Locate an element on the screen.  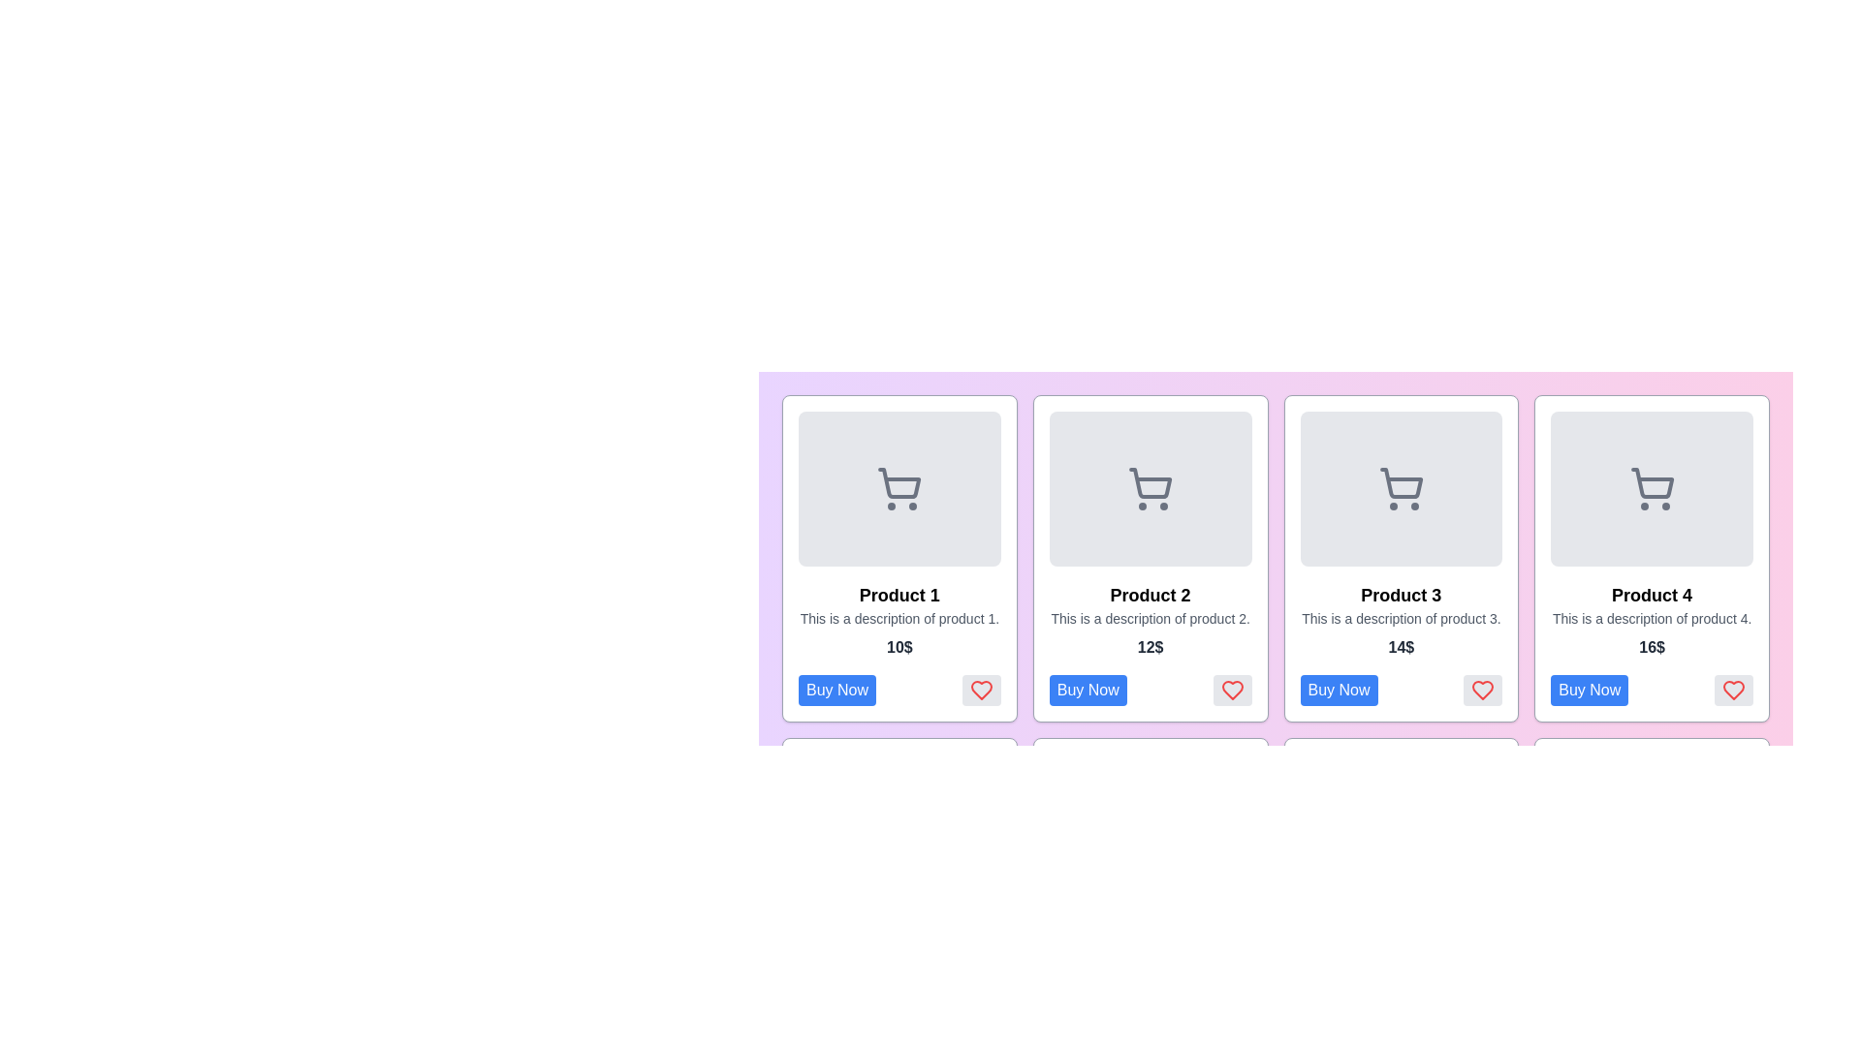
the text block displaying 'This is a description of product 4.' located in the fourth product card from the left, below the product title 'Product 4' and above the price line is located at coordinates (1651, 619).